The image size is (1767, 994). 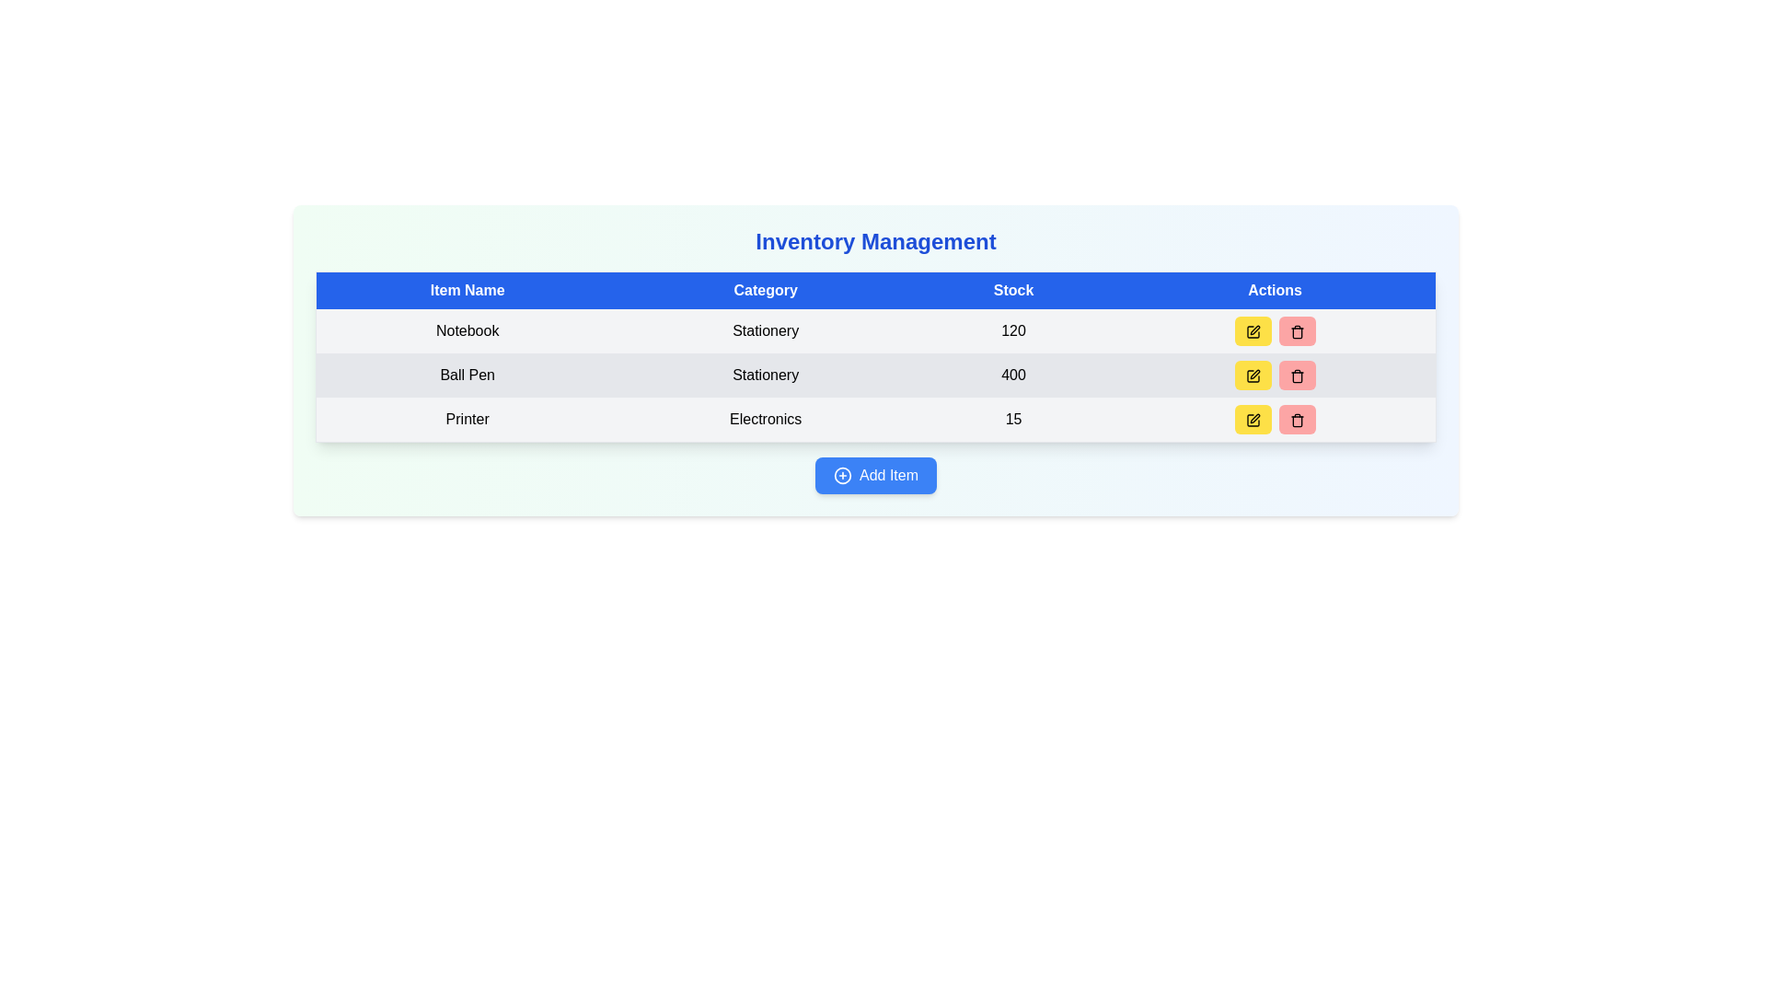 I want to click on the static text element representing the product name 'Ball Pen' in the inventory management table, located in the second row of the first column, so click(x=467, y=375).